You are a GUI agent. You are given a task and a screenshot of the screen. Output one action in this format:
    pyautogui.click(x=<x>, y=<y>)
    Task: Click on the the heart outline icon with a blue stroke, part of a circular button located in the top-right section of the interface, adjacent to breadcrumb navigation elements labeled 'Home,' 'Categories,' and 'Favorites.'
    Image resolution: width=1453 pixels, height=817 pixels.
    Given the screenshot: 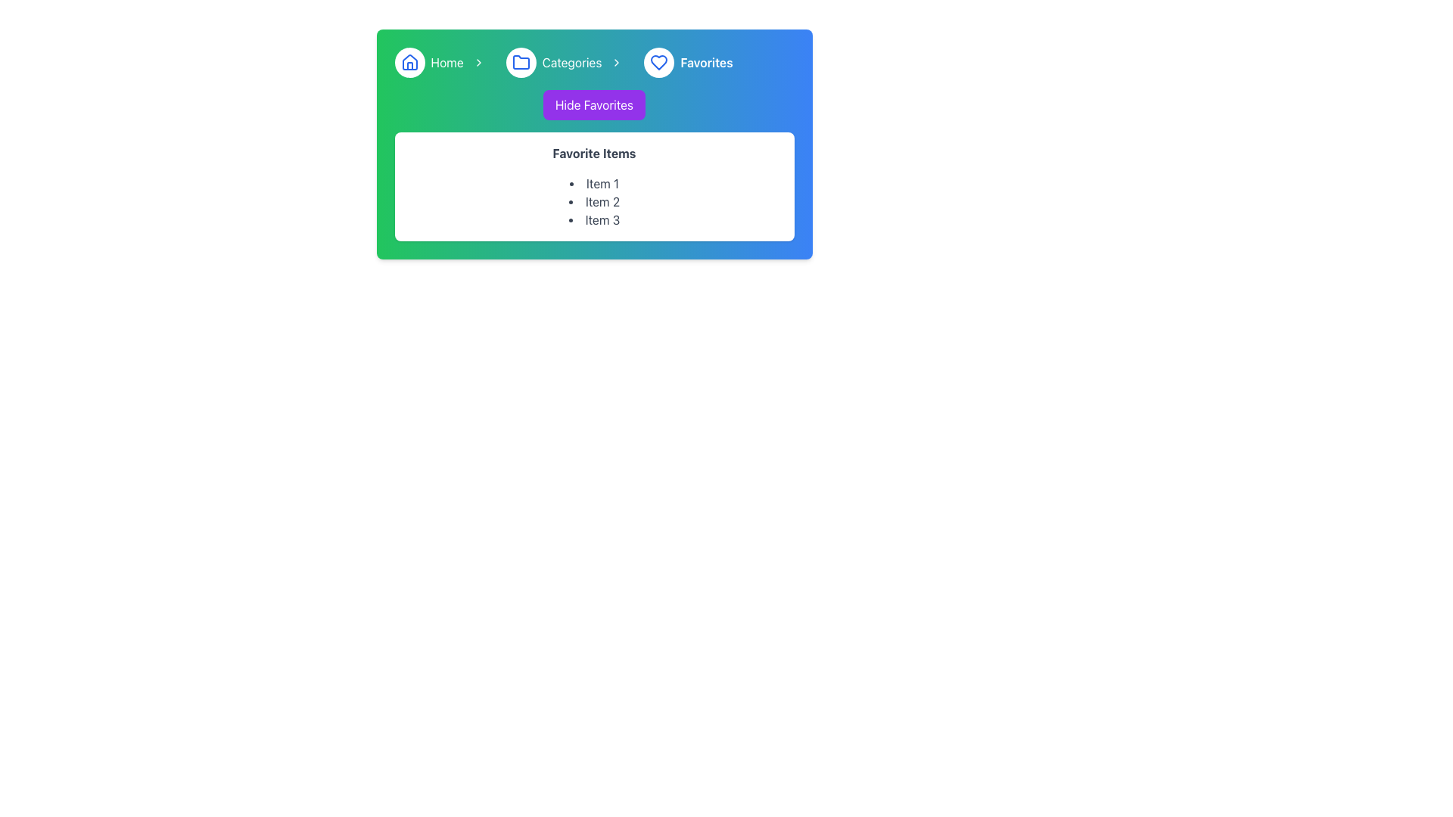 What is the action you would take?
    pyautogui.click(x=659, y=62)
    